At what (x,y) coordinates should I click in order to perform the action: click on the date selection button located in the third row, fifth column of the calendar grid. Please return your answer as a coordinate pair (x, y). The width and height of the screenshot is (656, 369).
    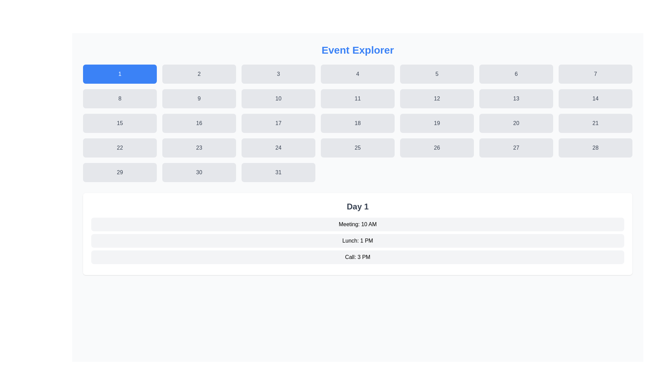
    Looking at the image, I should click on (436, 123).